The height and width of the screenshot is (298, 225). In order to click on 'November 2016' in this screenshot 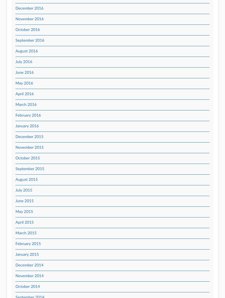, I will do `click(15, 19)`.